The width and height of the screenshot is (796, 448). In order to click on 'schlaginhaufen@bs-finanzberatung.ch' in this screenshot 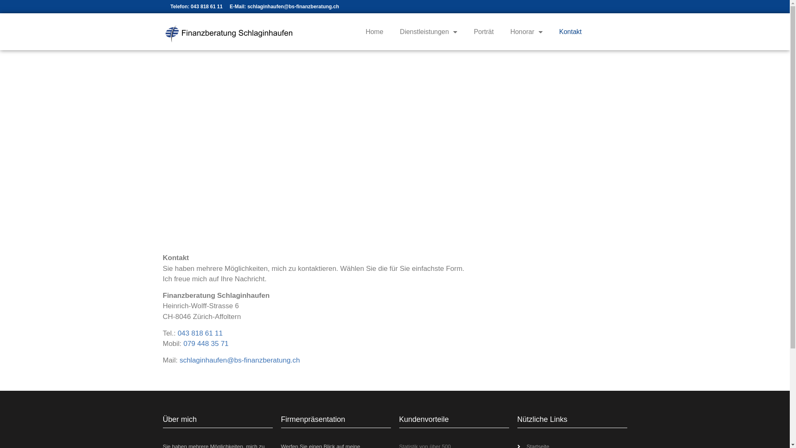, I will do `click(239, 360)`.